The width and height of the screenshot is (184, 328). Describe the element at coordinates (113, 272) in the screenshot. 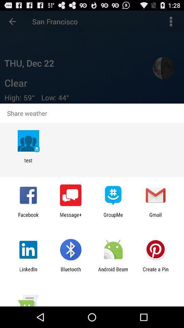

I see `the app next to the create a pin icon` at that location.